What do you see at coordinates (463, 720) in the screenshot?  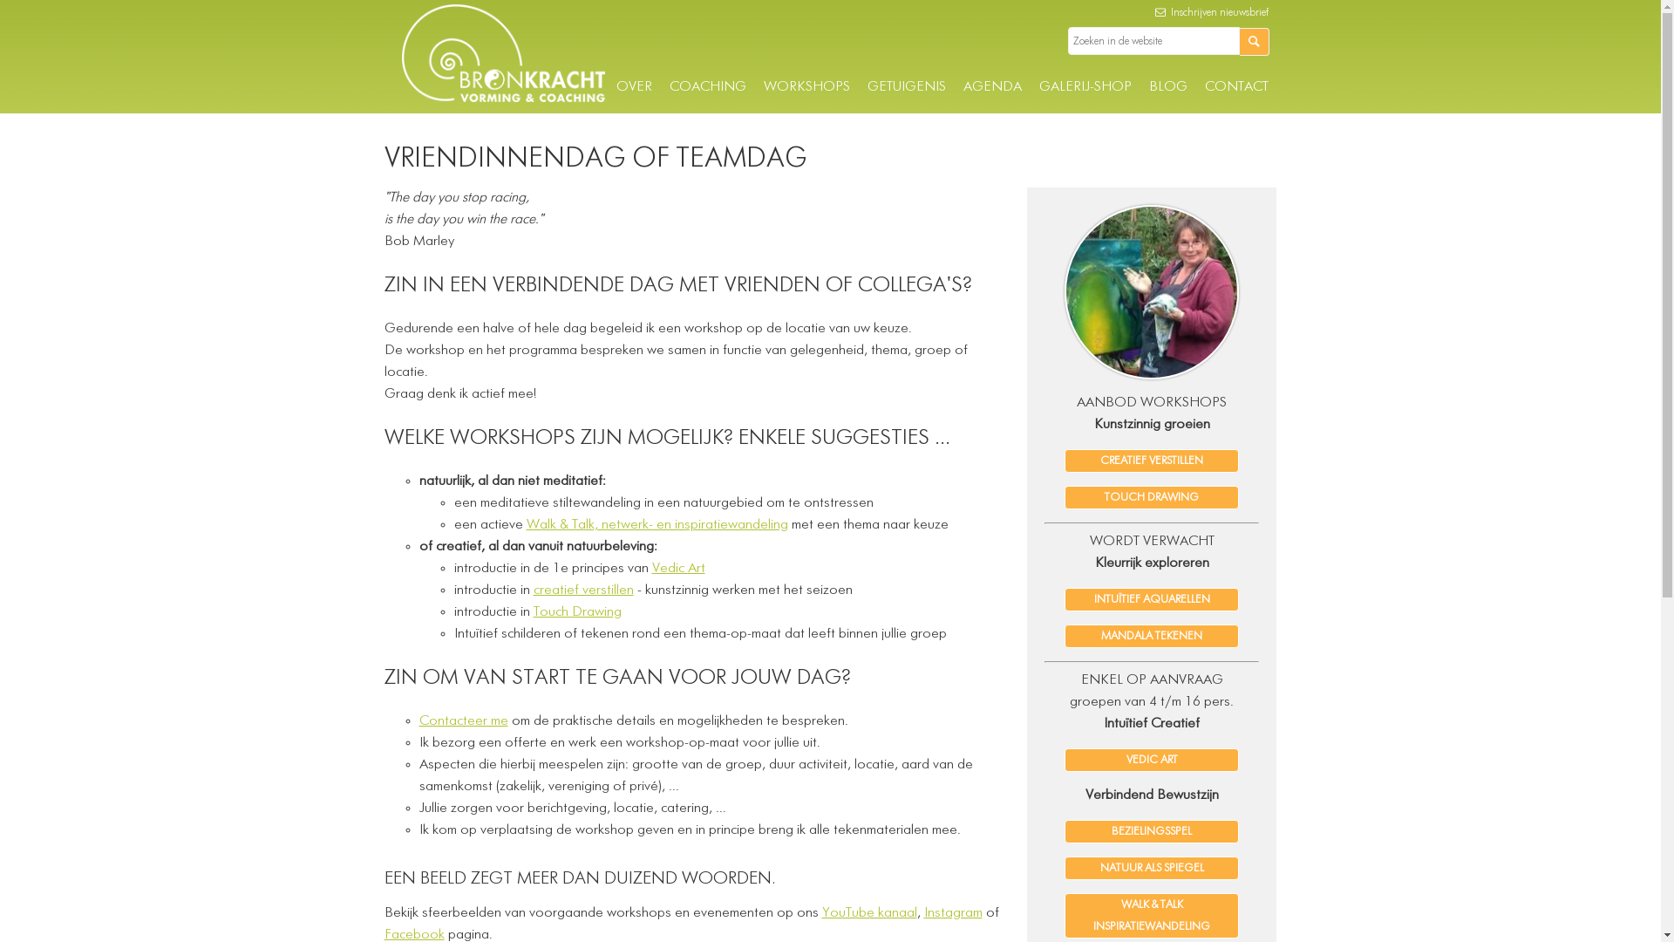 I see `'Contacteer me'` at bounding box center [463, 720].